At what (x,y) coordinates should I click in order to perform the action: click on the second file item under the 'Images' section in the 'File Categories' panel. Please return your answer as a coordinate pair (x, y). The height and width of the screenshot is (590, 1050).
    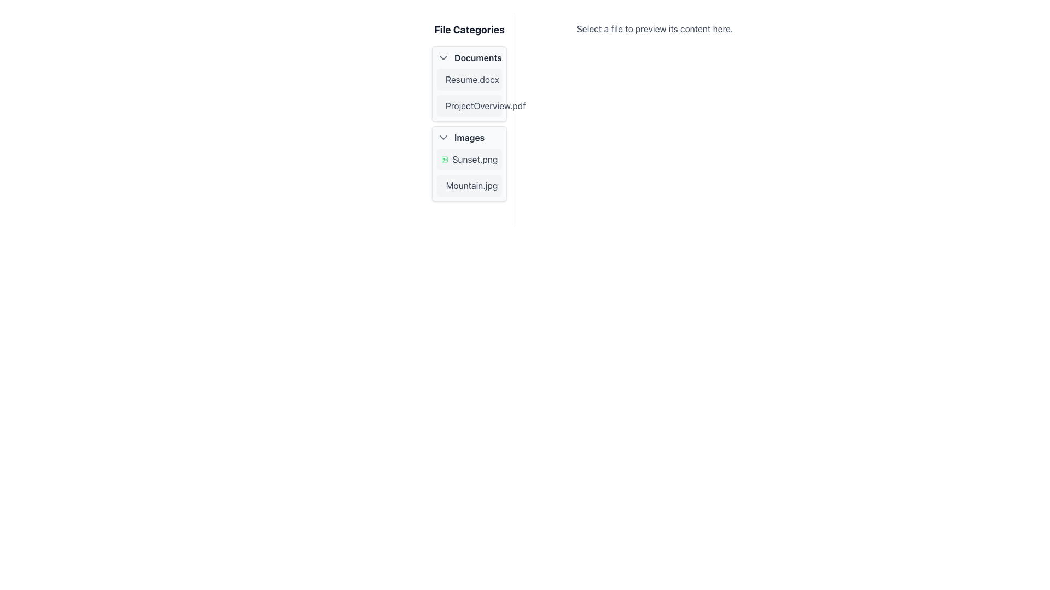
    Looking at the image, I should click on (469, 185).